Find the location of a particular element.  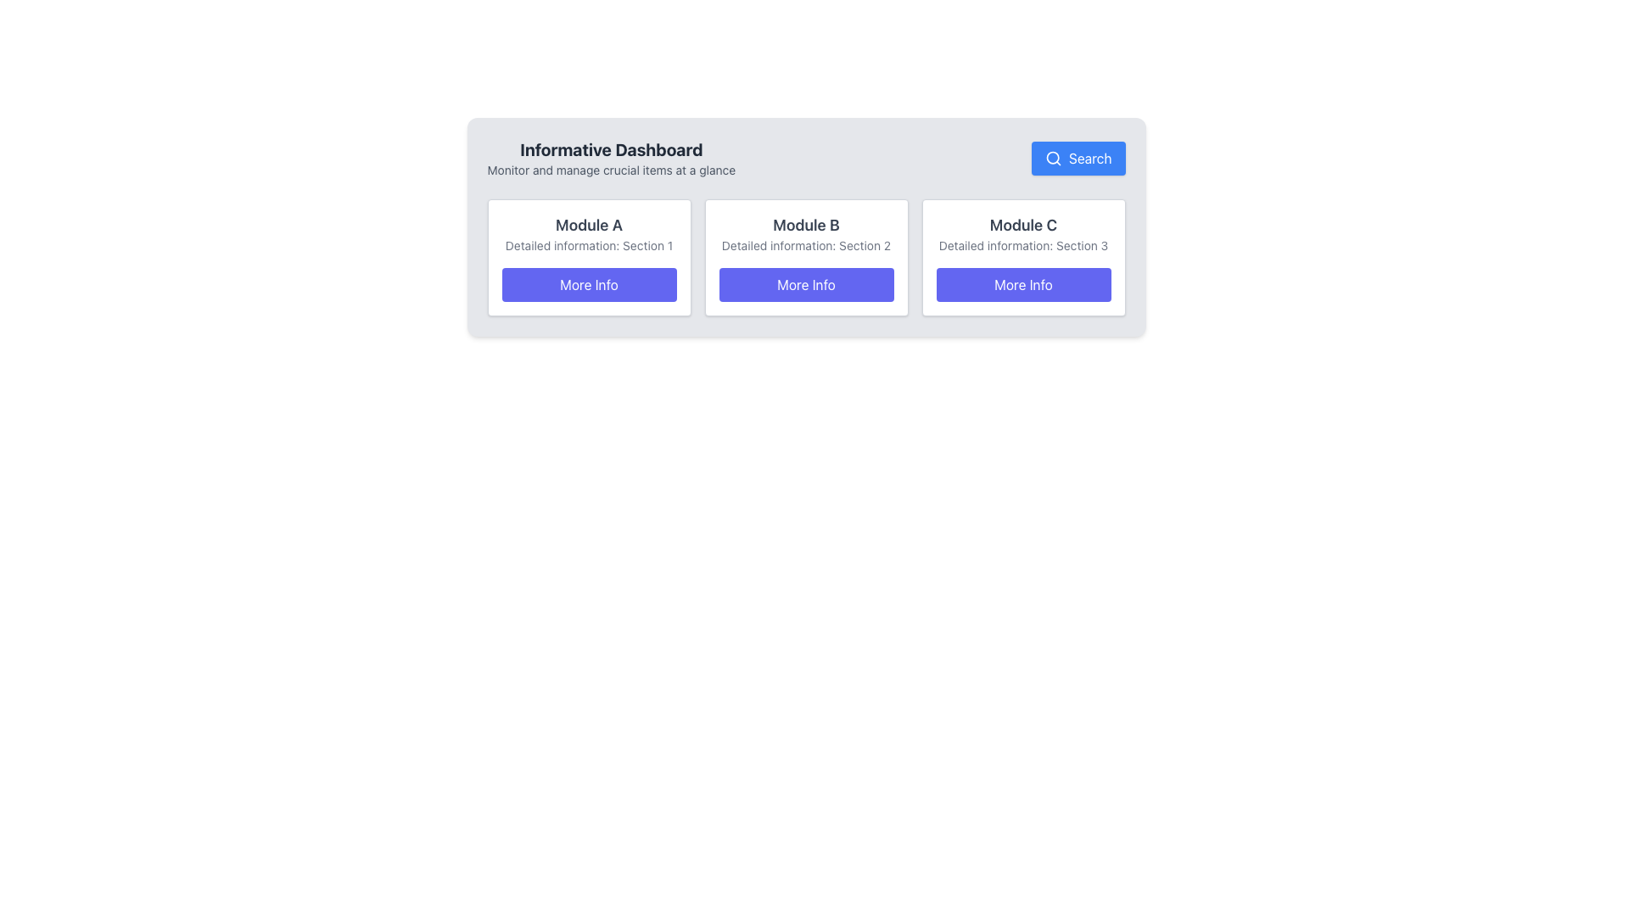

the 'More Info' button in the Group containing text labels and an interactive button for 'Module B' is located at coordinates (805, 258).